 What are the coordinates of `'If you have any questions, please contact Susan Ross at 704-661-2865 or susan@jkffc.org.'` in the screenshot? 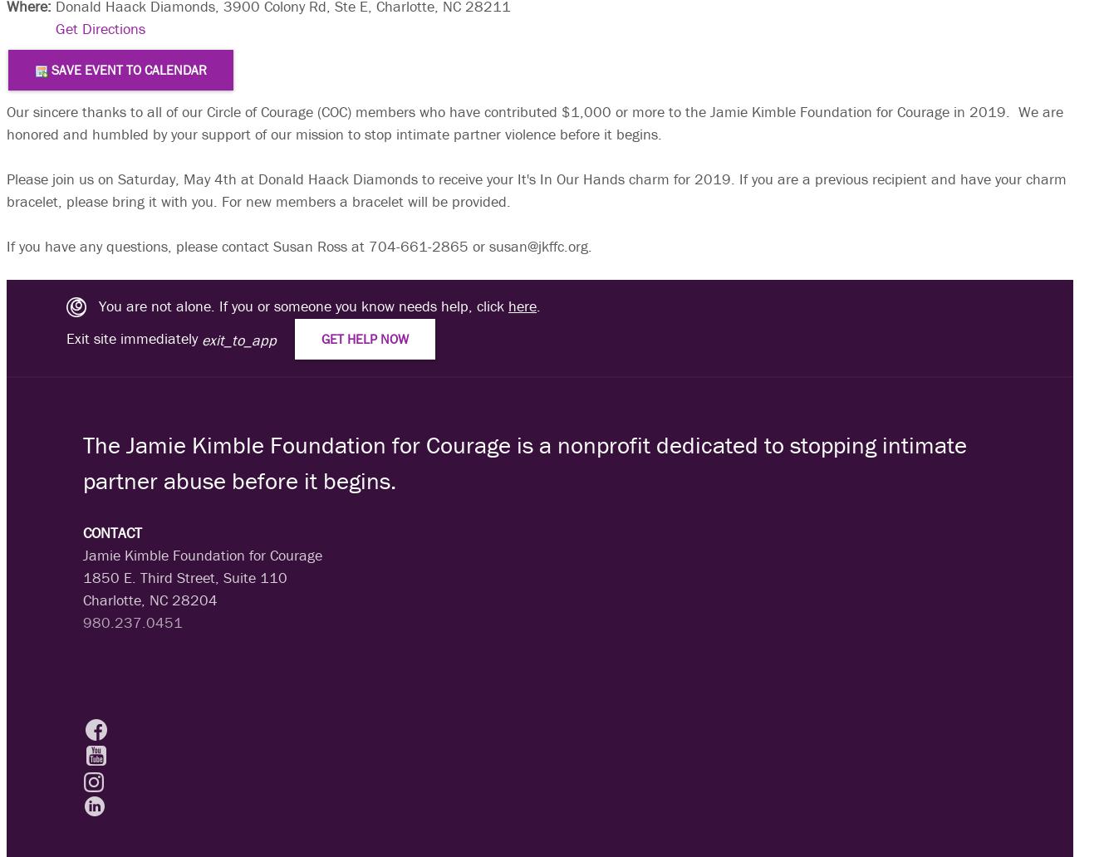 It's located at (299, 245).